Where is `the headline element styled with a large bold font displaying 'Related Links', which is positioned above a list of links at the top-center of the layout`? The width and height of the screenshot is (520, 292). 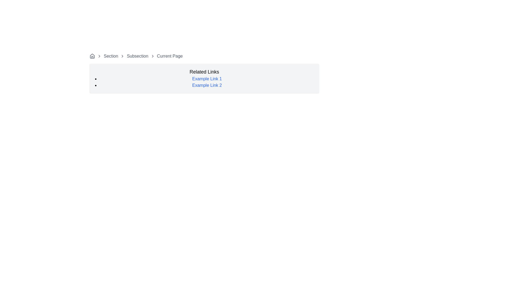 the headline element styled with a large bold font displaying 'Related Links', which is positioned above a list of links at the top-center of the layout is located at coordinates (204, 72).